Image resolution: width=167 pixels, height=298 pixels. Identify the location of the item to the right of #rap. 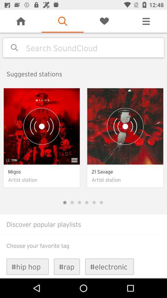
(109, 266).